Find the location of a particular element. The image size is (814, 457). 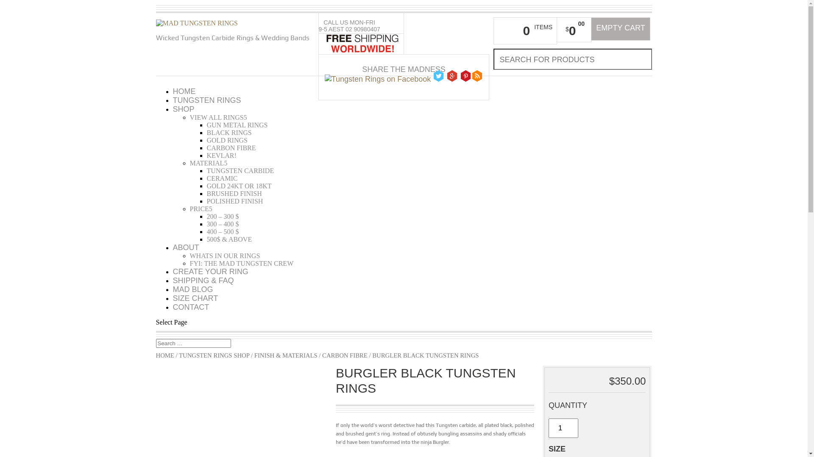

'SHOP' is located at coordinates (183, 109).